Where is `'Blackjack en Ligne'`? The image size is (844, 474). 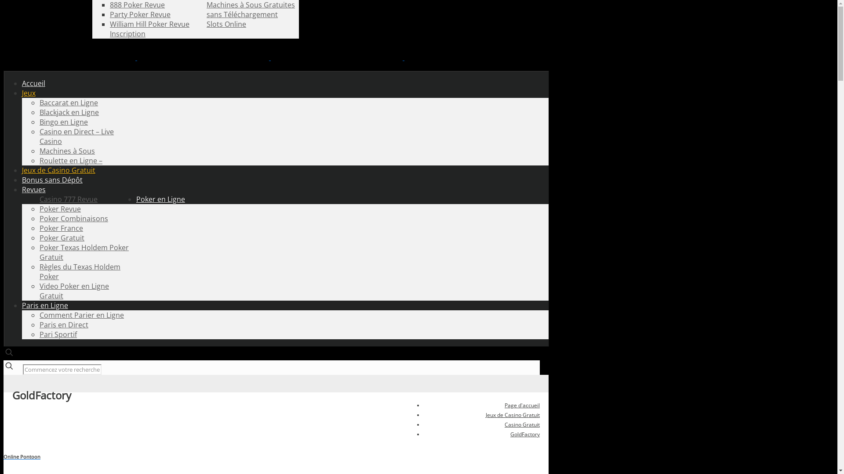
'Blackjack en Ligne' is located at coordinates (69, 111).